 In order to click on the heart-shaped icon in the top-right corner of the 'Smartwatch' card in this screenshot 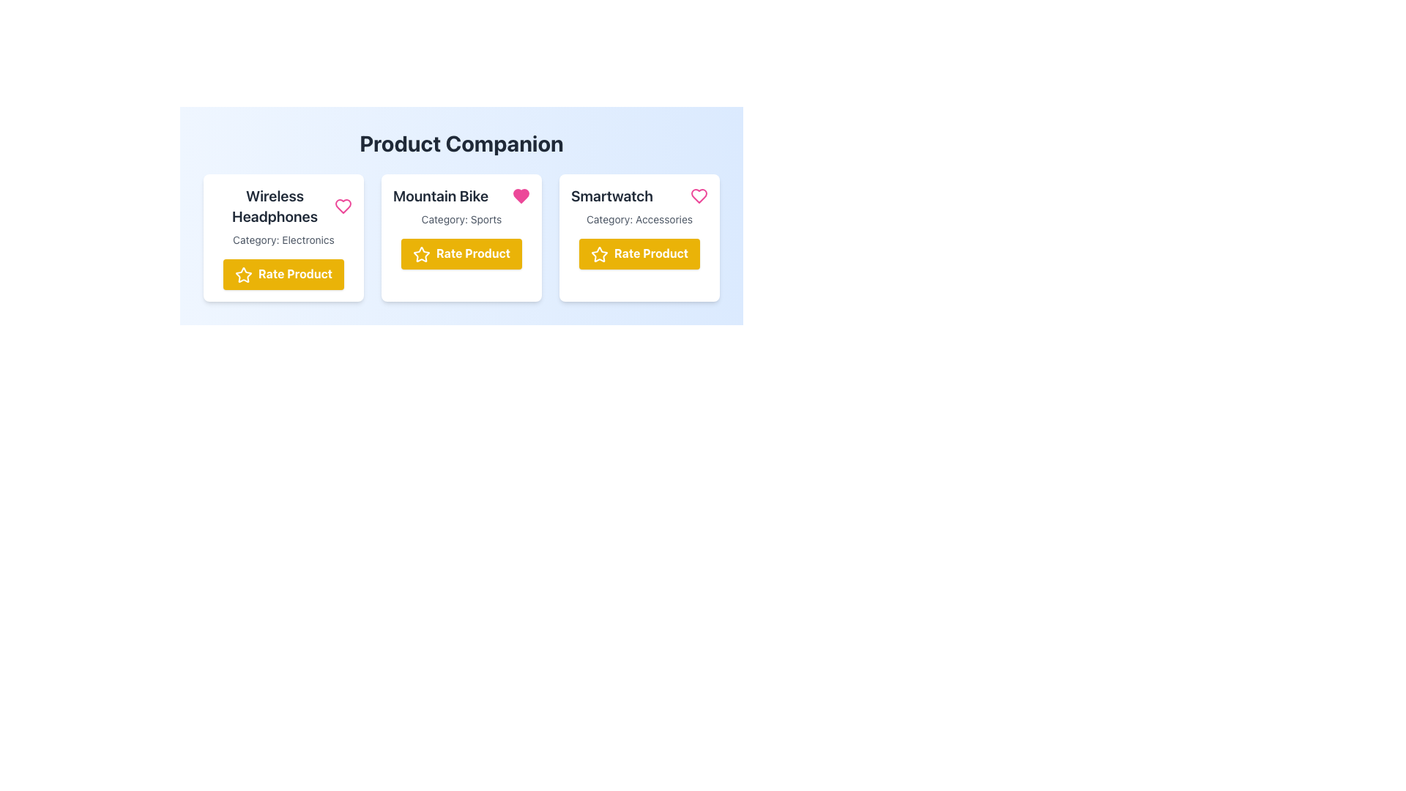, I will do `click(699, 195)`.